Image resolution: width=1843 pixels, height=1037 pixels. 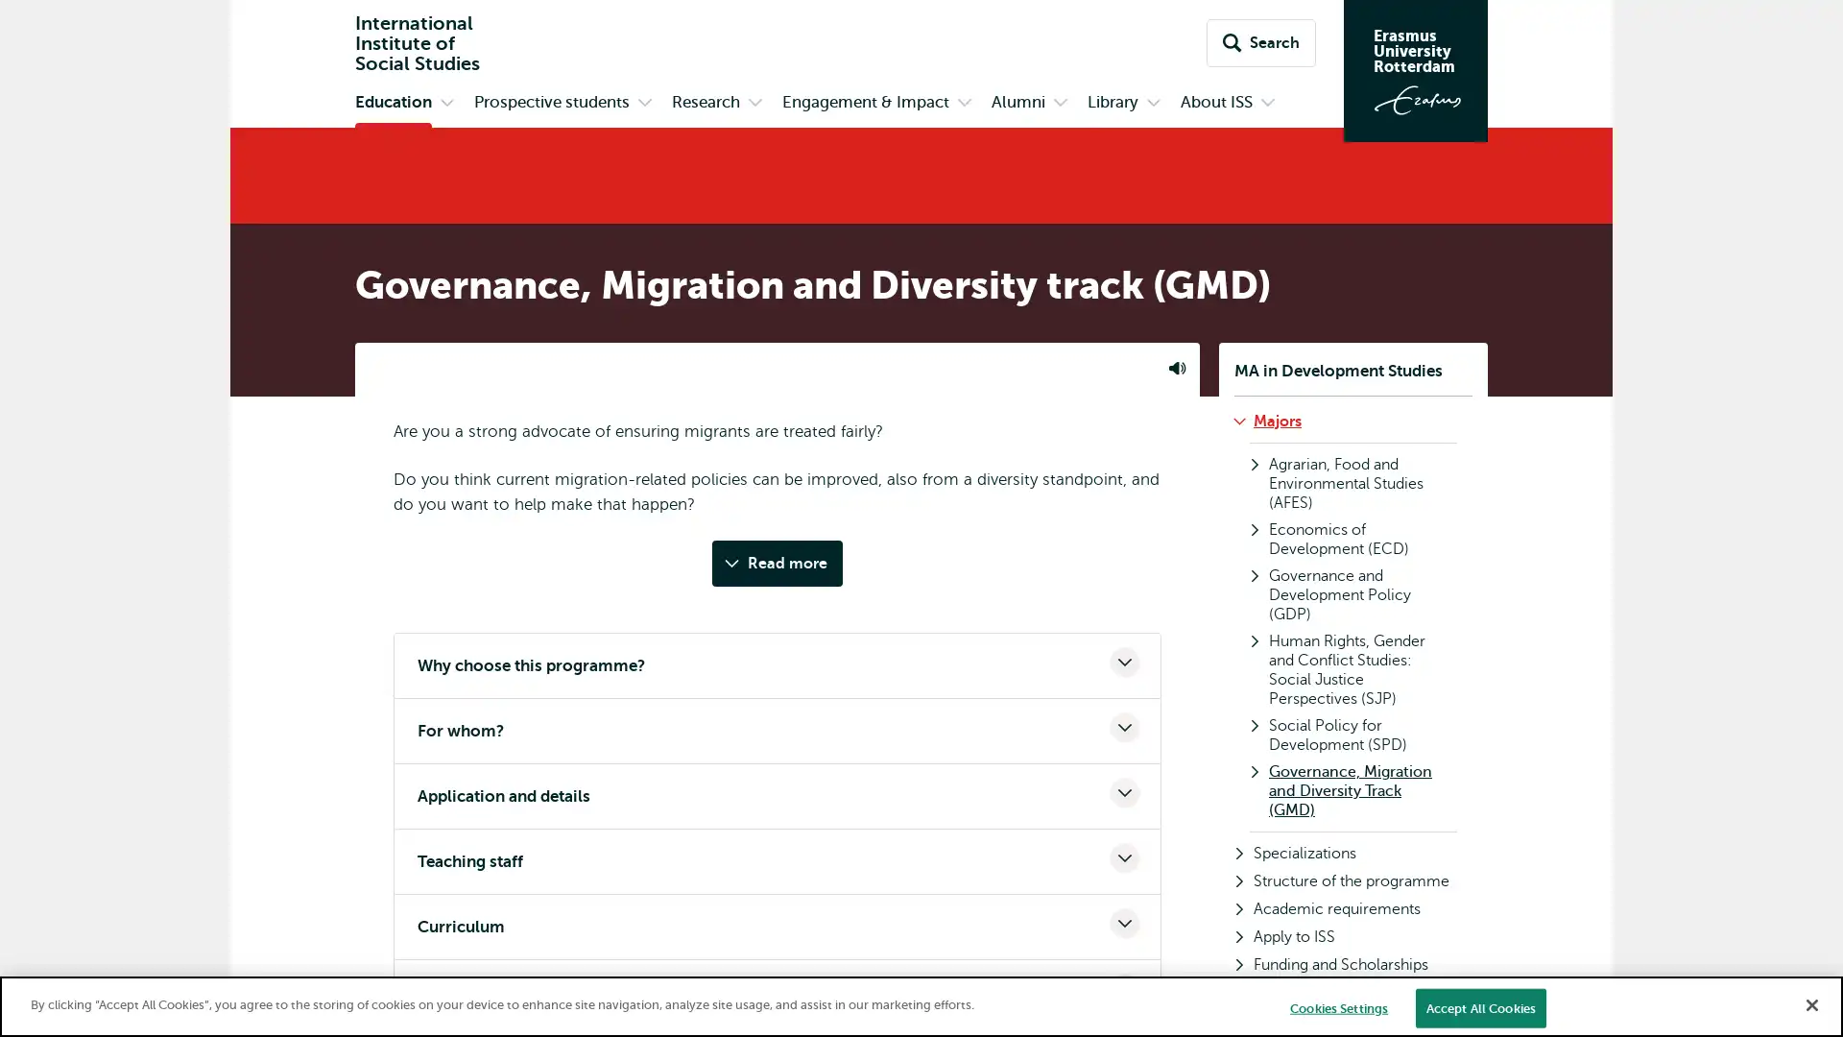 I want to click on Teaching staff, so click(x=778, y=860).